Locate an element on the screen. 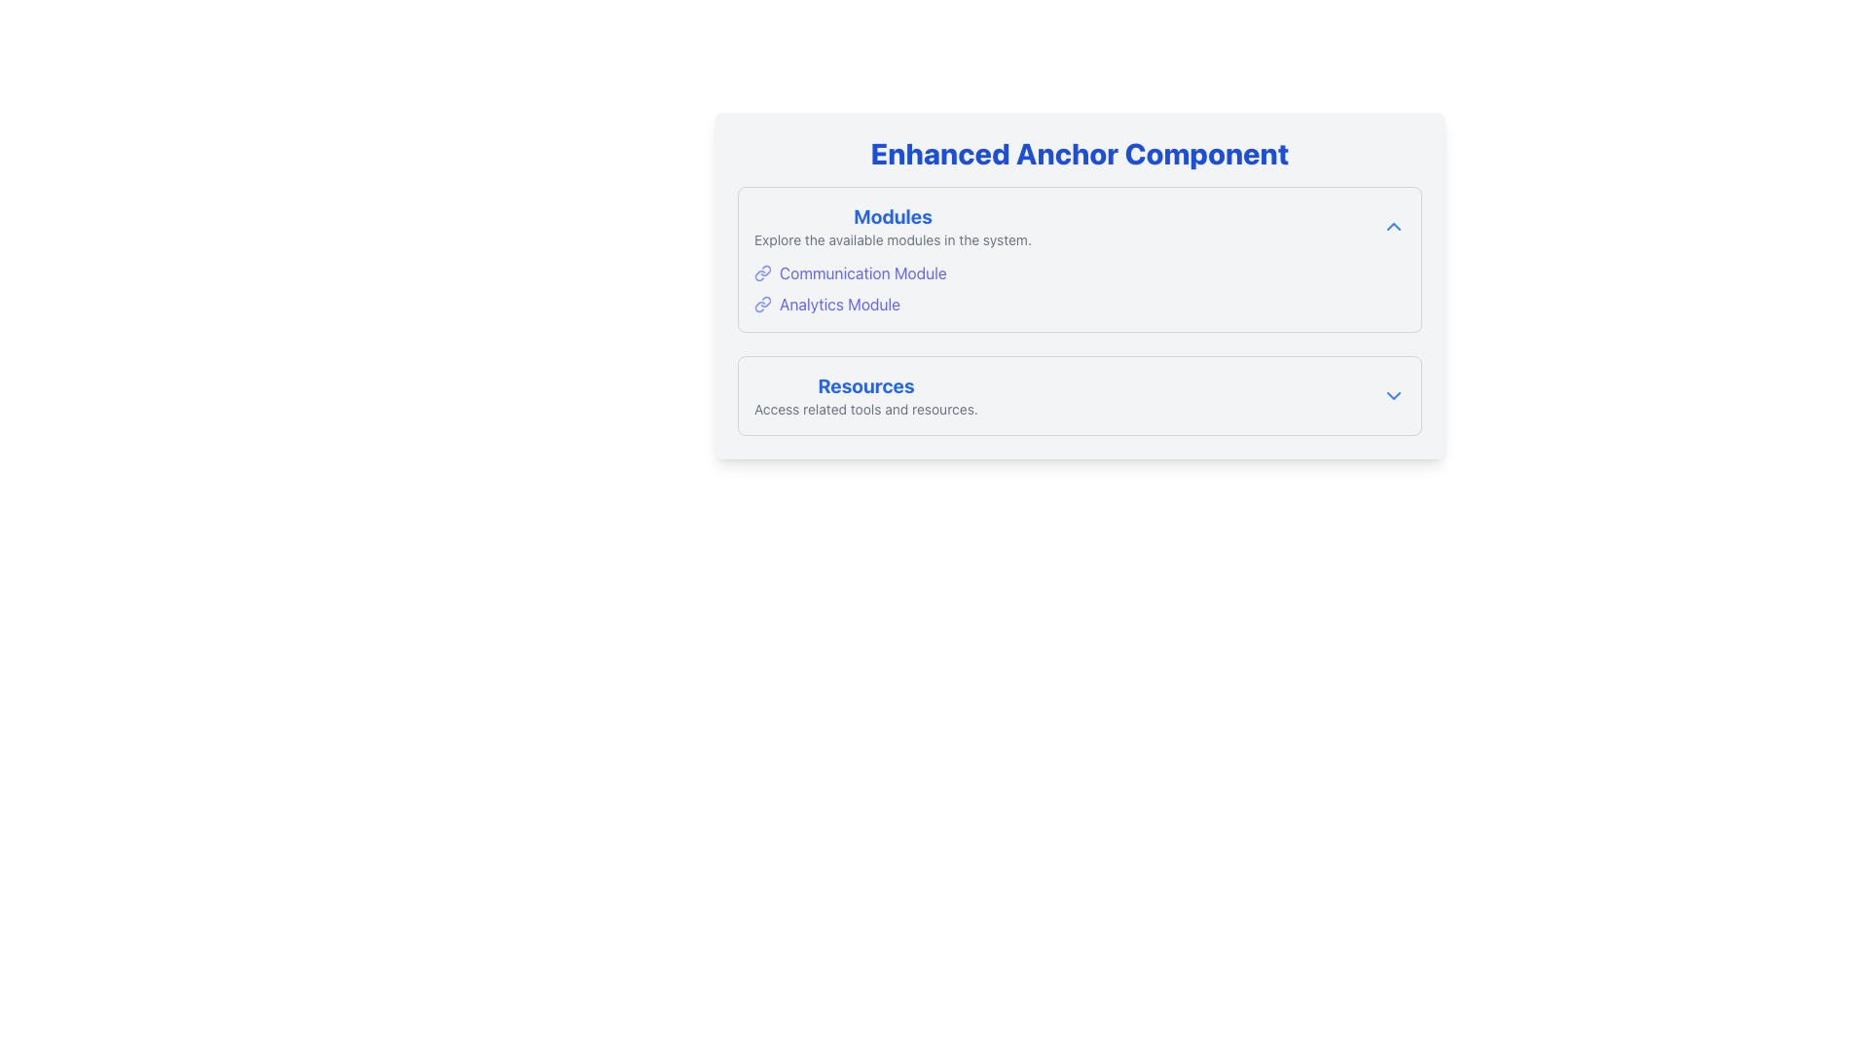 The image size is (1869, 1051). the icon resembling linked chains, styled with a thin blue stroke, located to the immediate left of the text 'Communication Module' within the 'Modules' section of the 'Enhanced Anchor Component' interface is located at coordinates (761, 273).